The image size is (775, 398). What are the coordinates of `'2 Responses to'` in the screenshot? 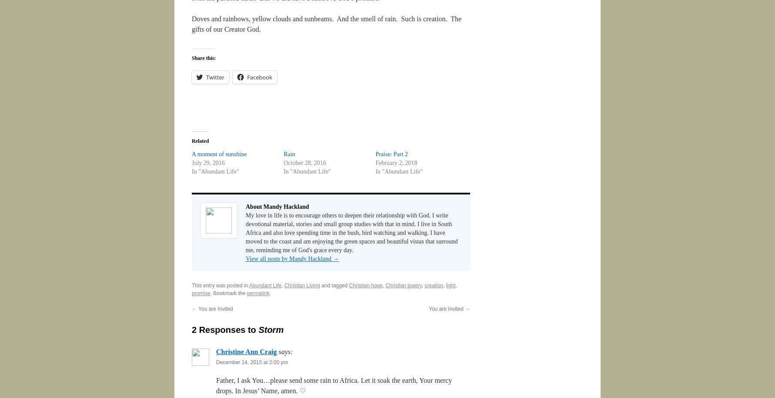 It's located at (224, 329).